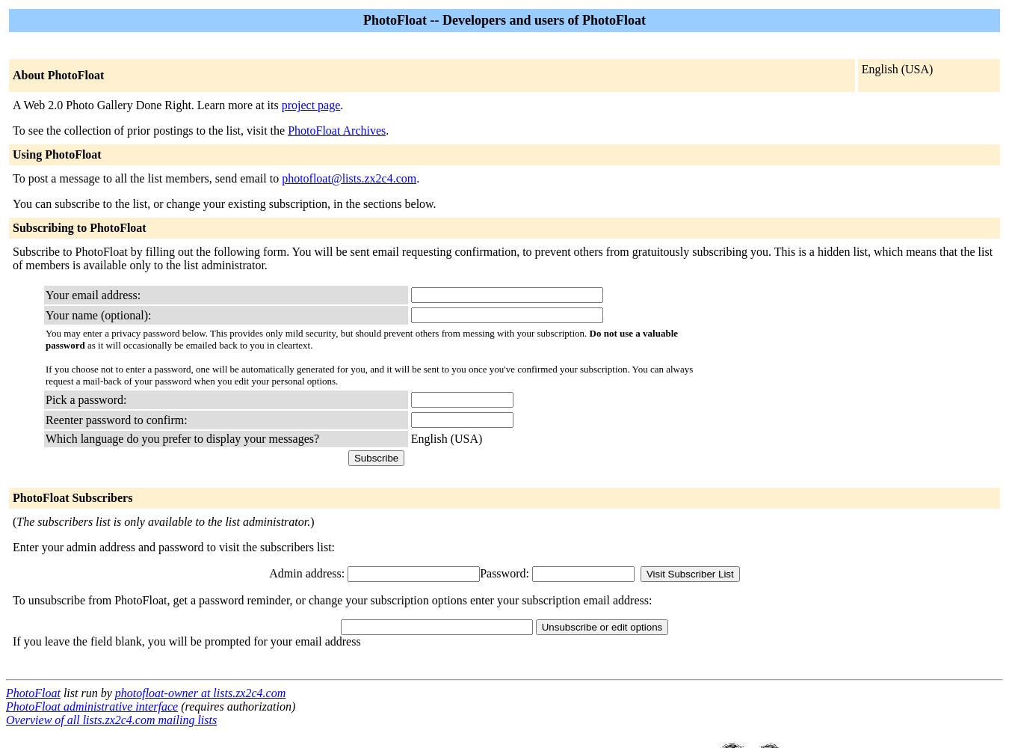 This screenshot has width=1009, height=748. What do you see at coordinates (116, 419) in the screenshot?
I see `'Reenter password to confirm:'` at bounding box center [116, 419].